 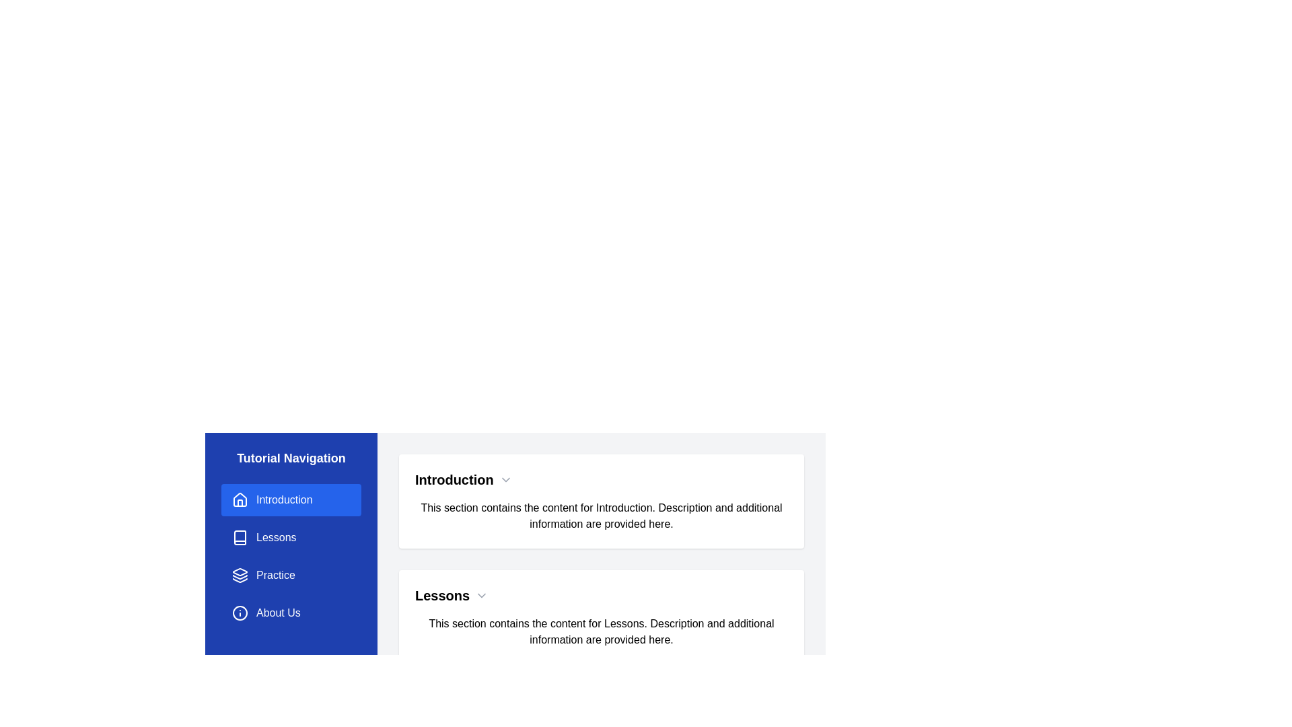 What do you see at coordinates (240, 576) in the screenshot?
I see `the navigational icon representing the 'Practice' section located in the third row of the vertical navigation menu on the left side of the interface` at bounding box center [240, 576].